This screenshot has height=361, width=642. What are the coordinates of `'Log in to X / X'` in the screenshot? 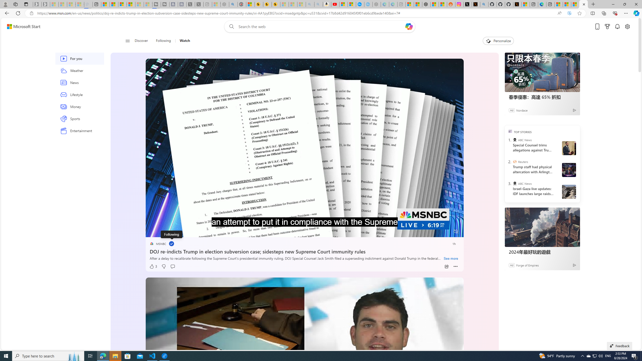 It's located at (467, 4).